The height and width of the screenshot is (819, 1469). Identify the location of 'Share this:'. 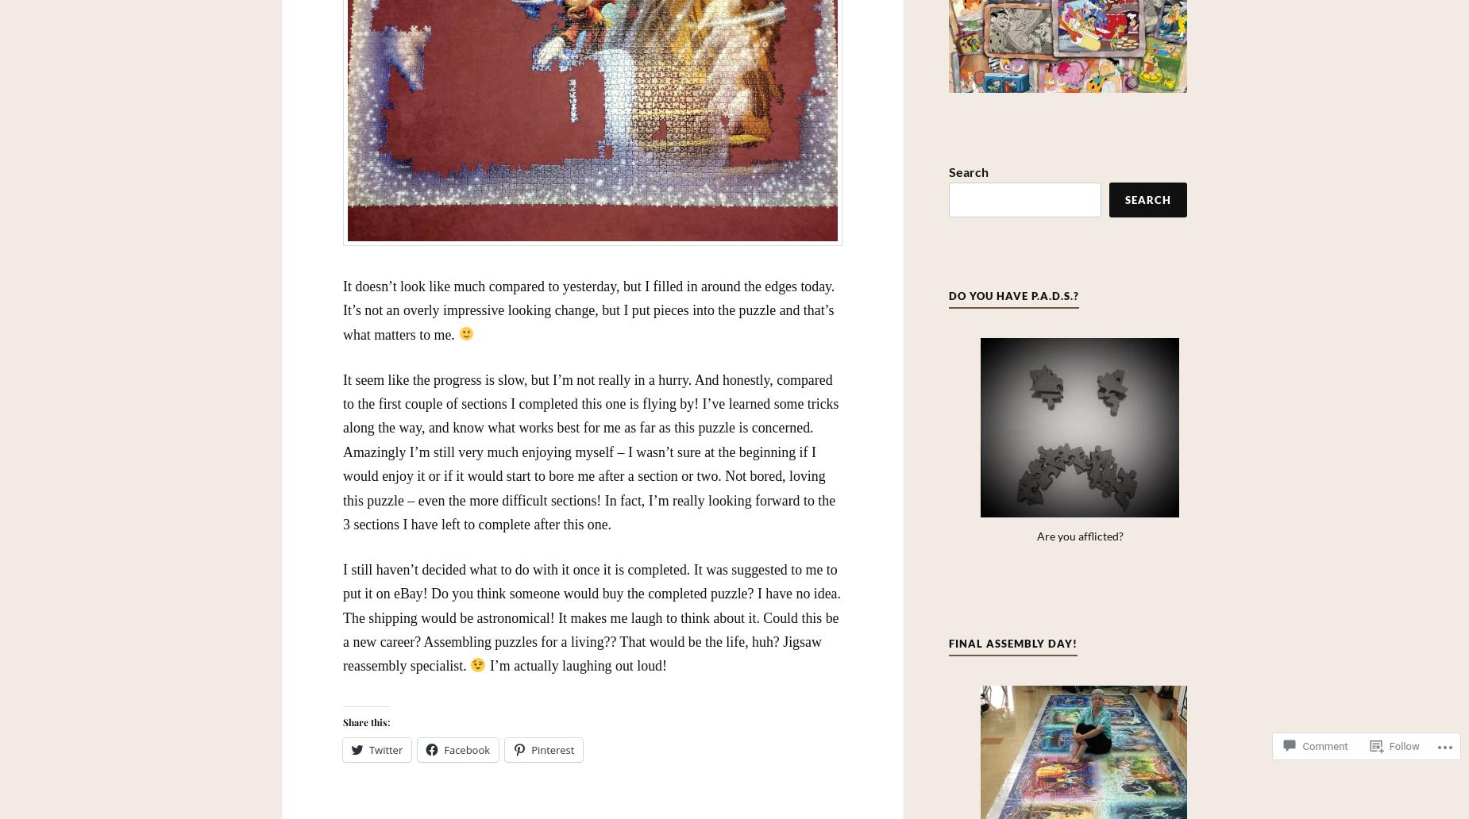
(365, 721).